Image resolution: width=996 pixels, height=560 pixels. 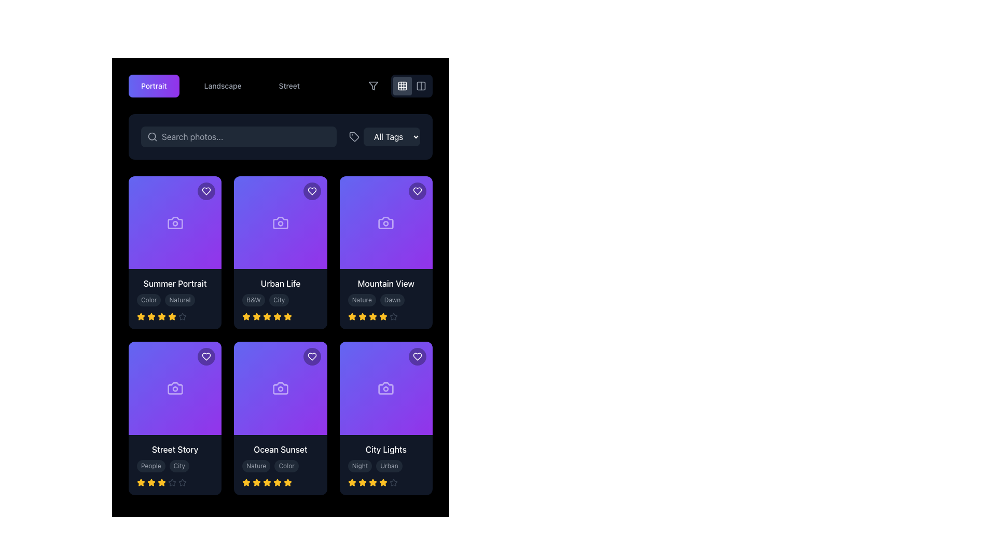 What do you see at coordinates (372, 316) in the screenshot?
I see `the state of the fourth star icon in the rating system for the 'Mountain View' card, located below the 'Nature' and 'Dawn' labels` at bounding box center [372, 316].